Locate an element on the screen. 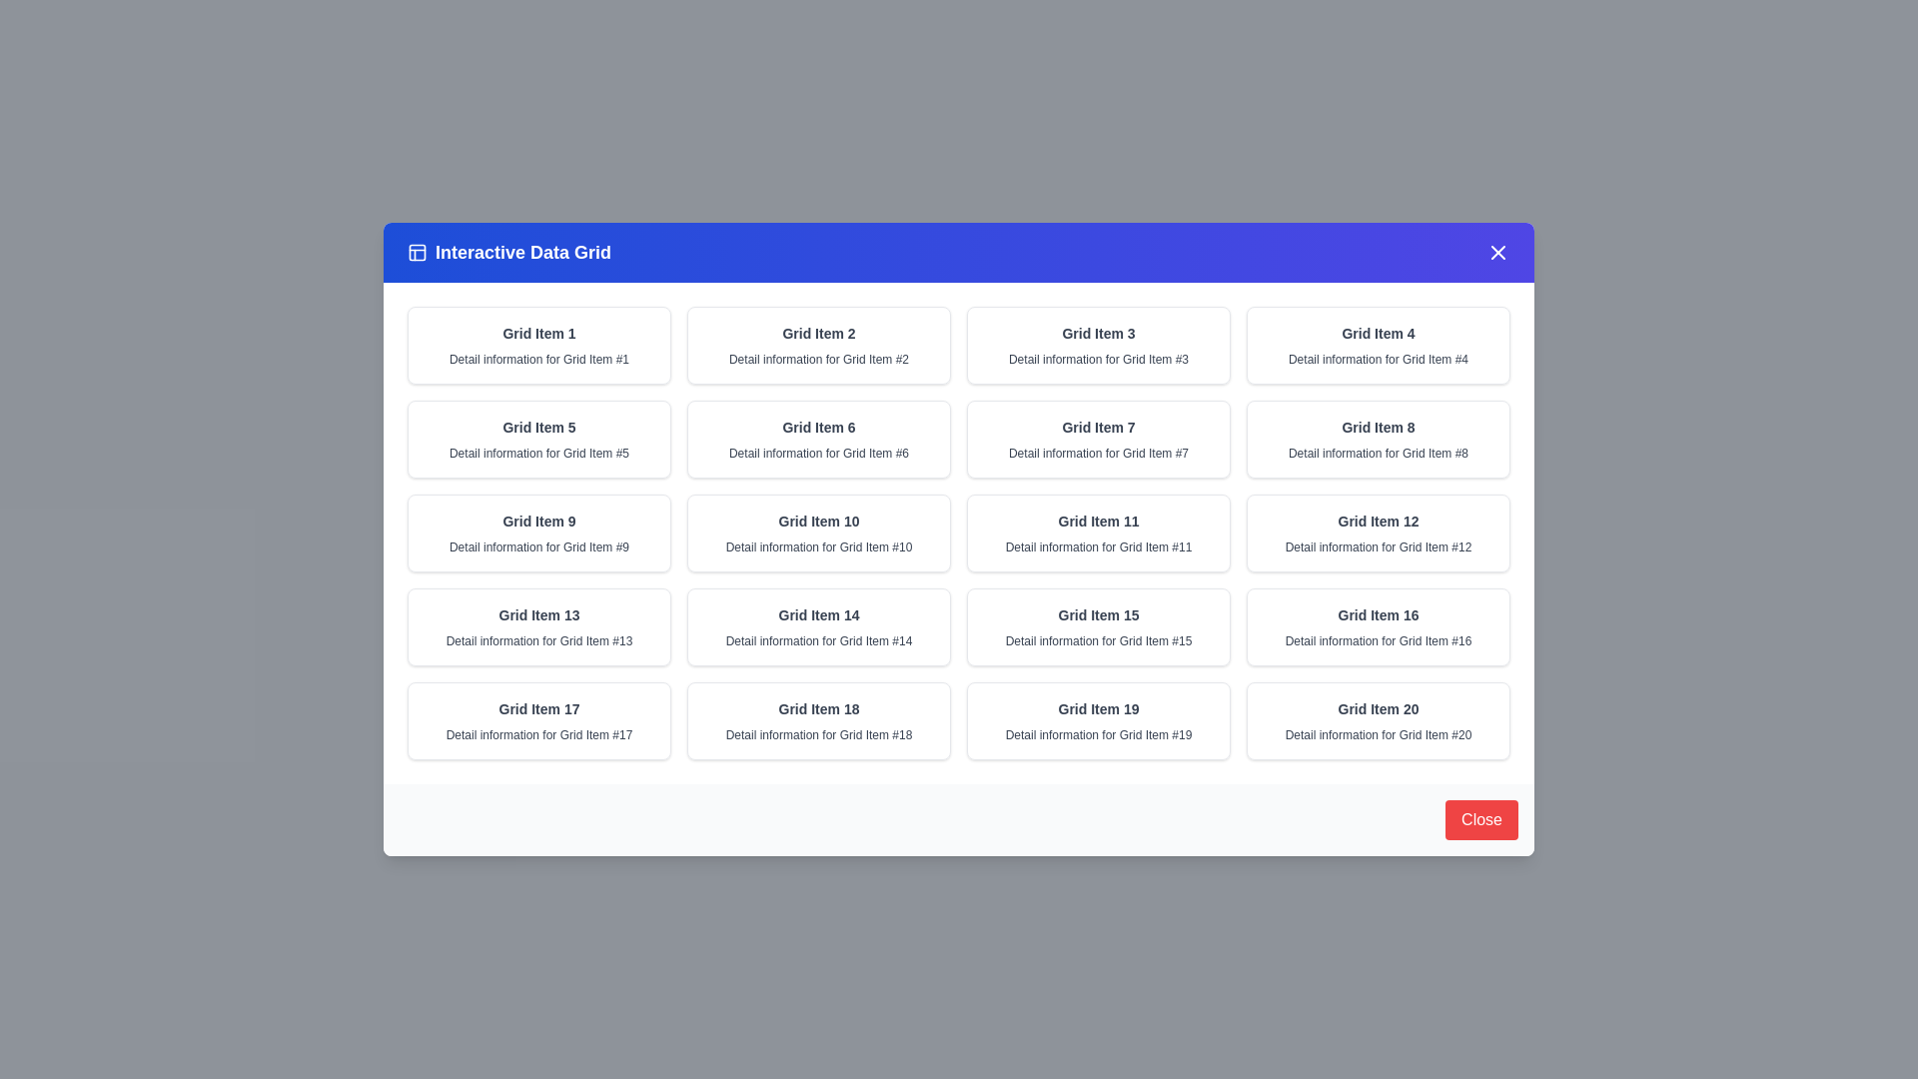  the semi-transparent background outside the dialog to dismiss it is located at coordinates (99, 100).